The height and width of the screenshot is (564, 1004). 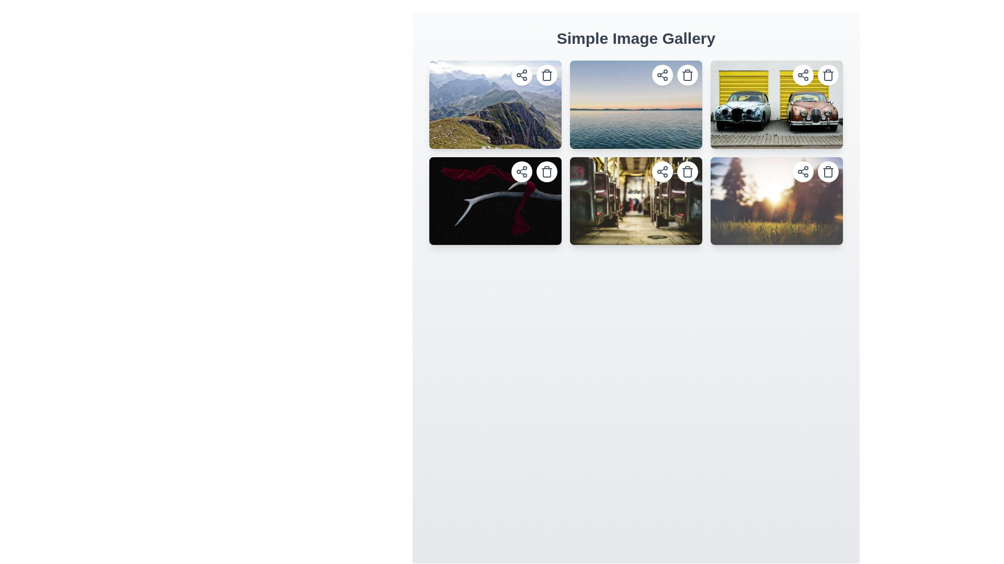 I want to click on the trash bin icon button in the top right corner of the first image in the gallery grid, so click(x=534, y=74).